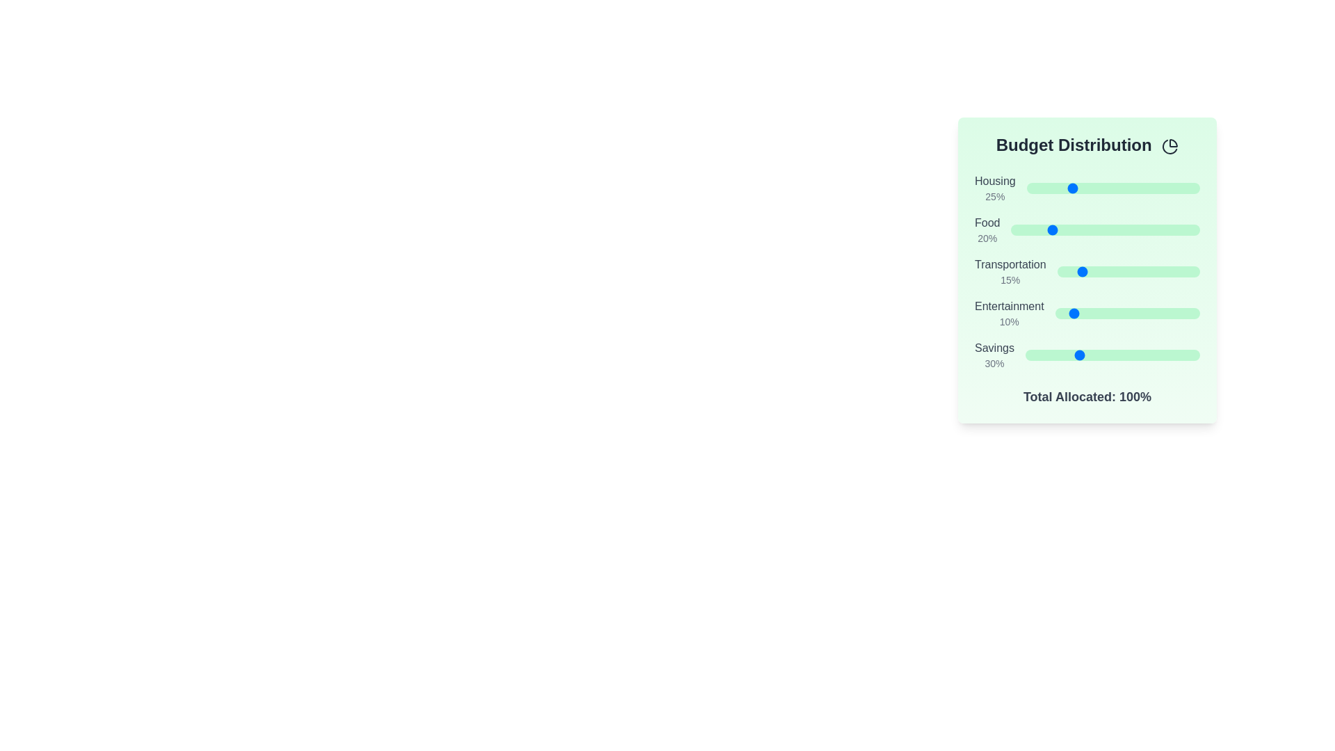  I want to click on the percentage text for Entertainment to read it more clearly, so click(1009, 321).